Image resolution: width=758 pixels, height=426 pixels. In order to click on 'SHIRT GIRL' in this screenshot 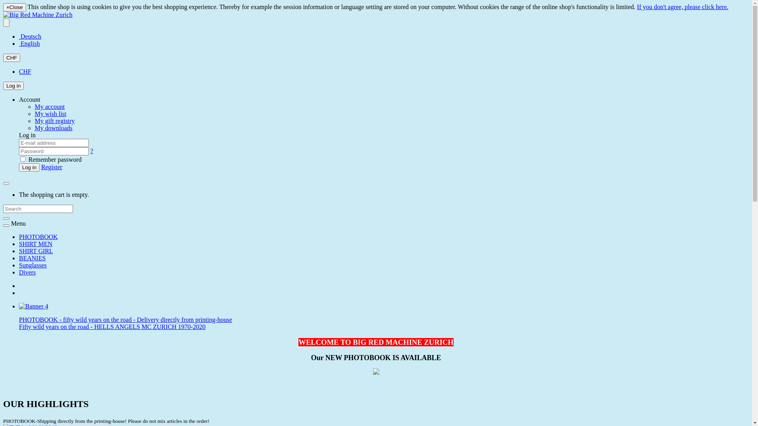, I will do `click(36, 251)`.